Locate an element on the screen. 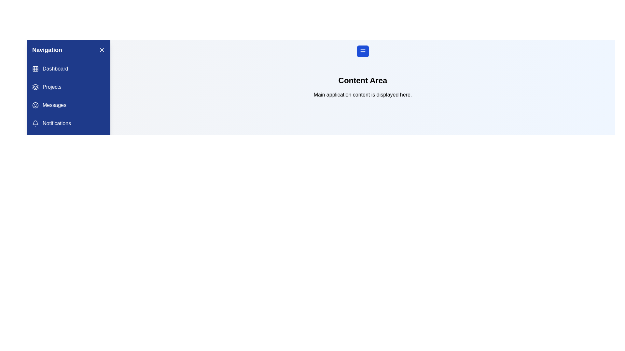 Image resolution: width=625 pixels, height=351 pixels. main menu button located in the content area is located at coordinates (362, 51).